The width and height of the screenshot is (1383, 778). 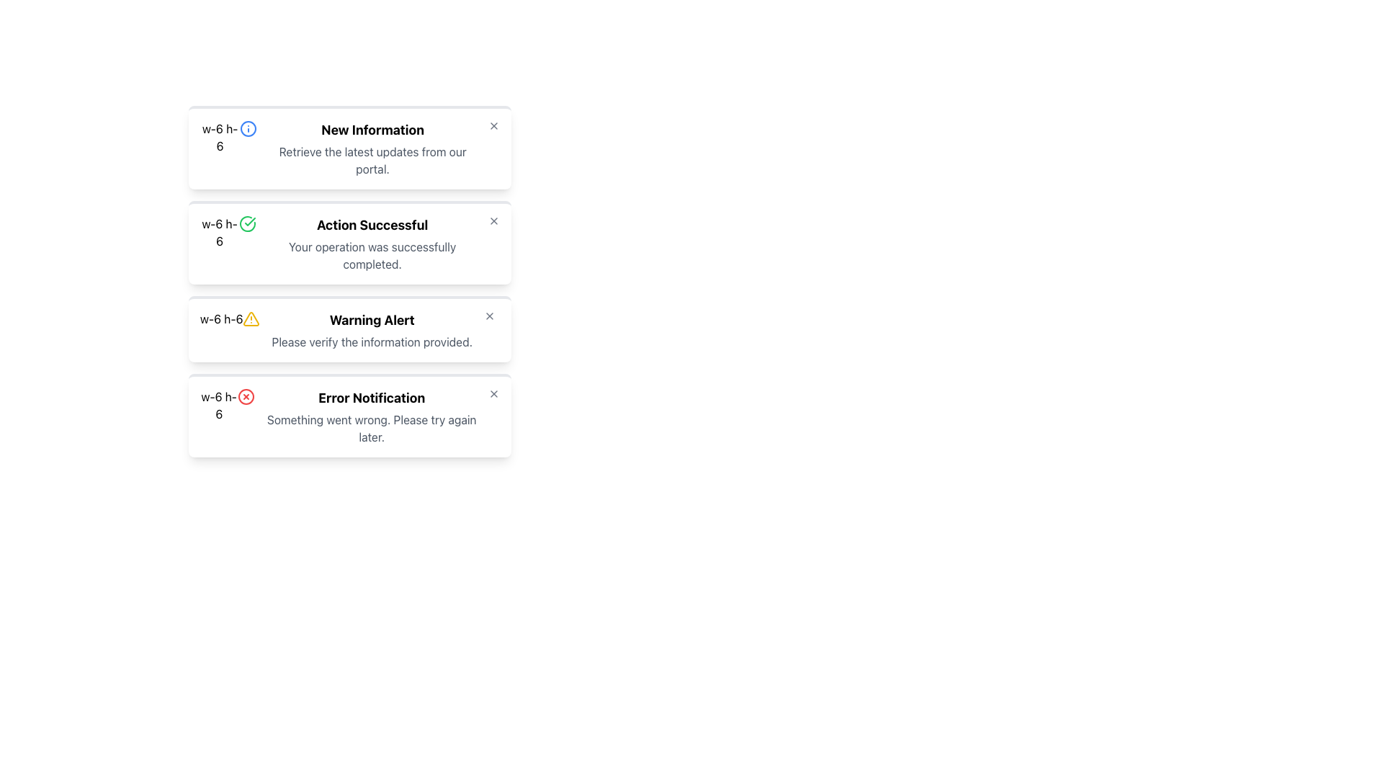 What do you see at coordinates (494, 125) in the screenshot?
I see `the close button located in the top-right corner of the 'New Information' notification card to change its appearance` at bounding box center [494, 125].